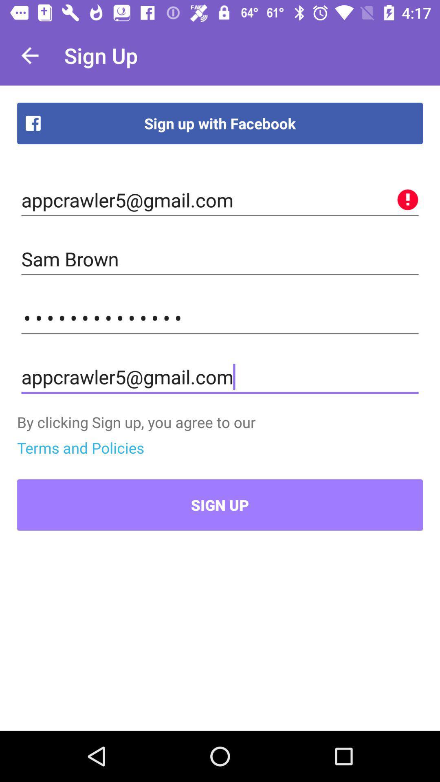 This screenshot has width=440, height=782. What do you see at coordinates (220, 259) in the screenshot?
I see `the icon above appcrawler3116 item` at bounding box center [220, 259].